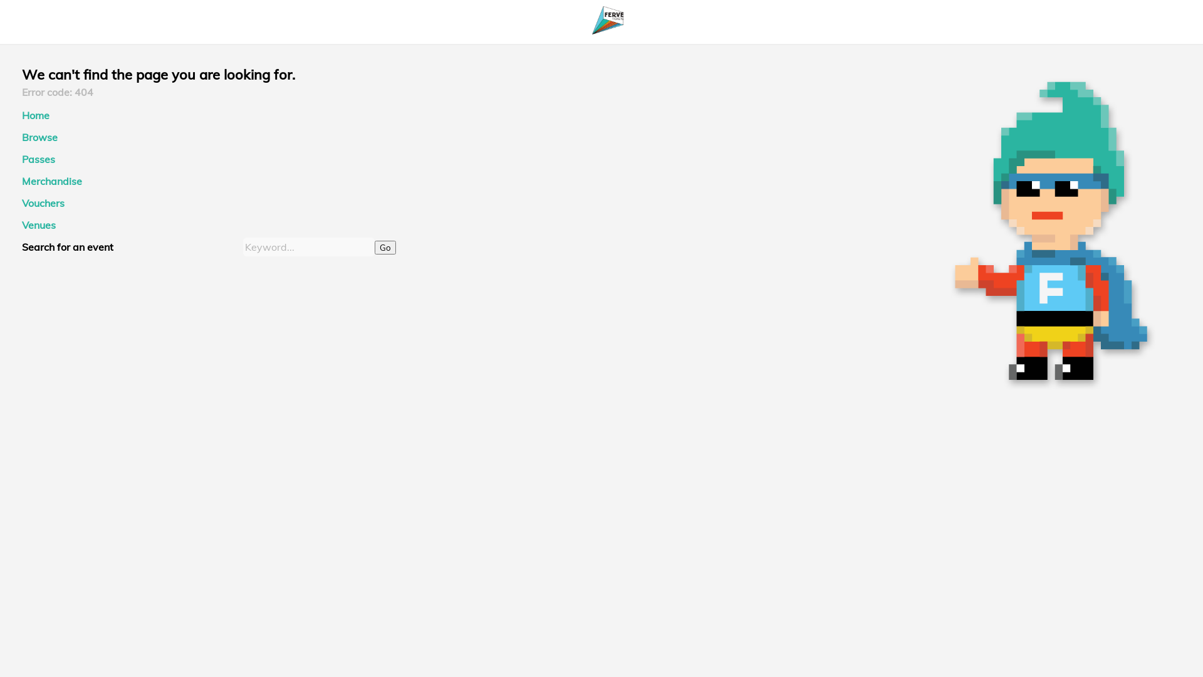  What do you see at coordinates (38, 159) in the screenshot?
I see `'Passes'` at bounding box center [38, 159].